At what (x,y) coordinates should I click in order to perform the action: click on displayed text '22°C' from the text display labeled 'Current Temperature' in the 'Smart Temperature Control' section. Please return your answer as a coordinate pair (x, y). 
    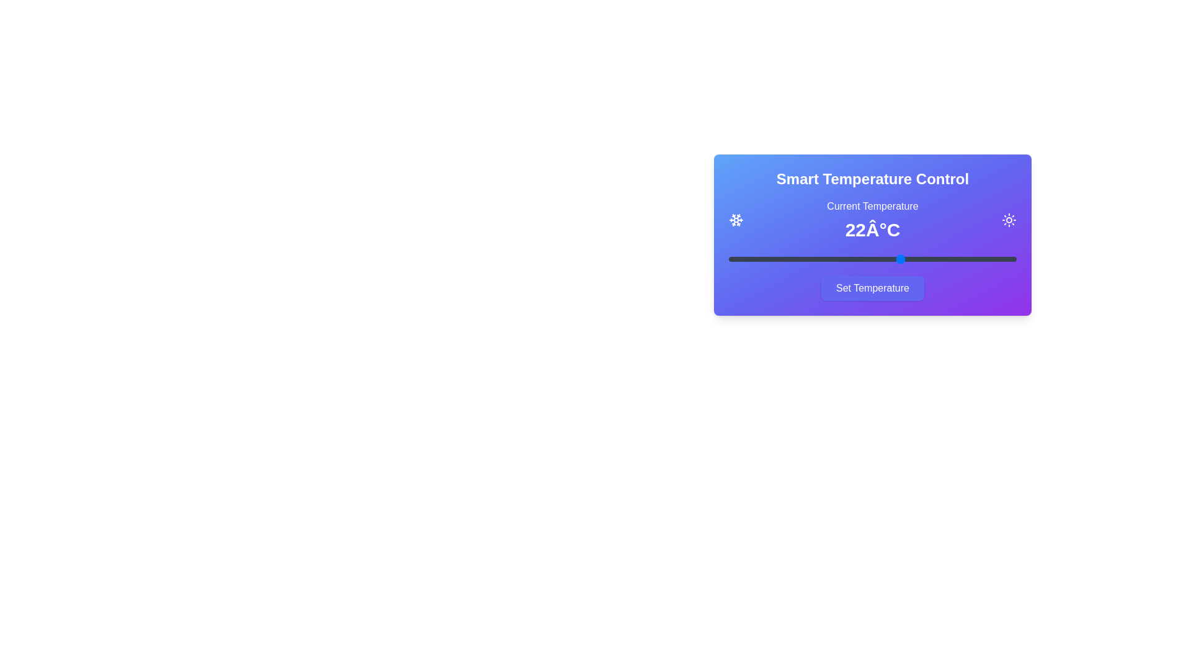
    Looking at the image, I should click on (872, 219).